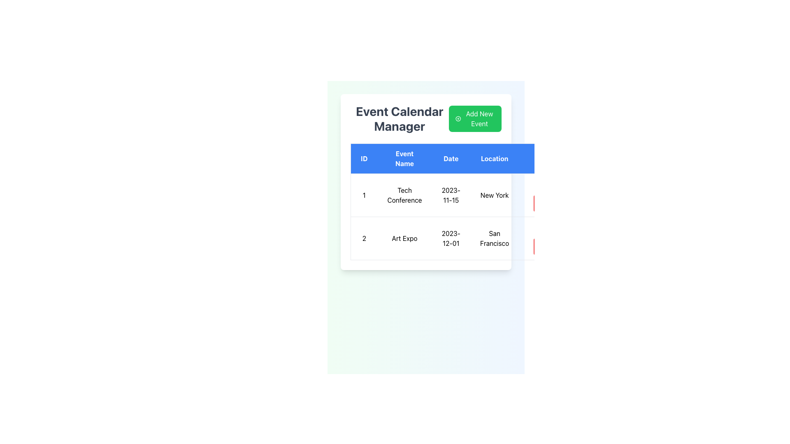 Image resolution: width=790 pixels, height=444 pixels. Describe the element at coordinates (426, 119) in the screenshot. I see `text 'Event Calendar Manager' from the header with the action button for managing events` at that location.